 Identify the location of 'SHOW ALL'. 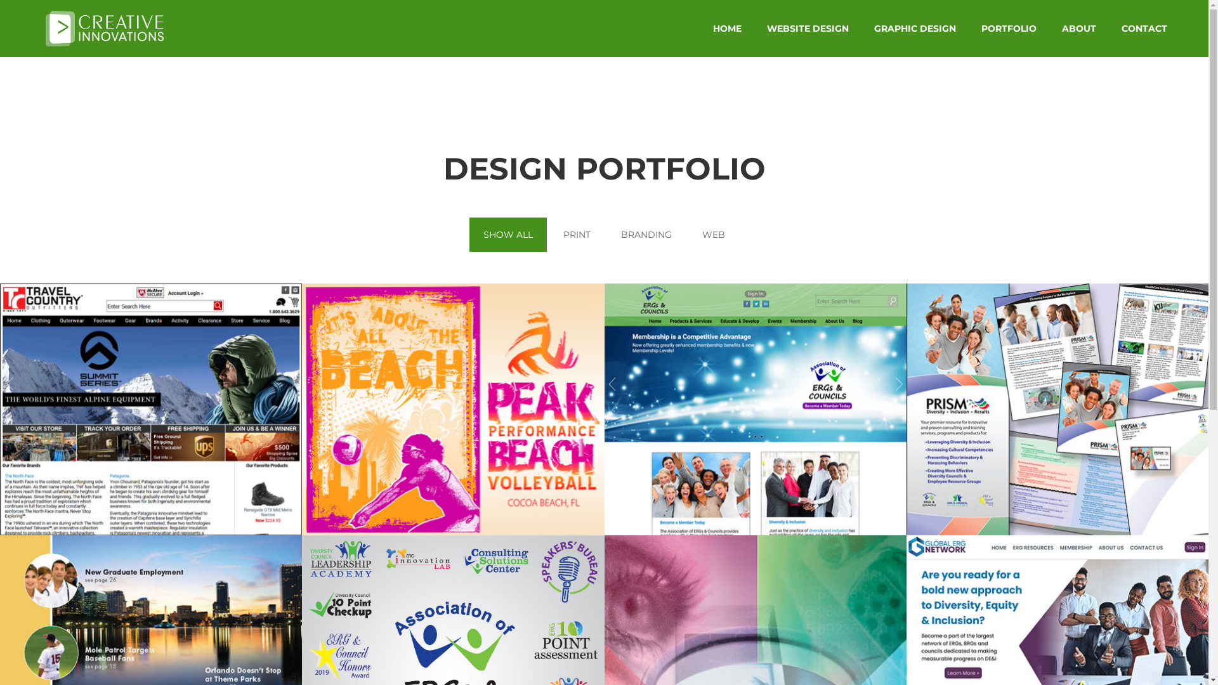
(508, 235).